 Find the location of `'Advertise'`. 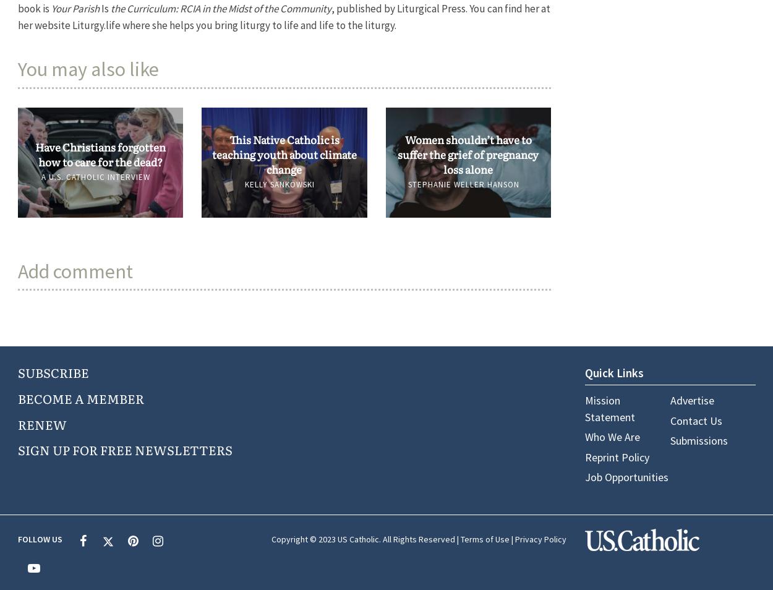

'Advertise' is located at coordinates (691, 400).